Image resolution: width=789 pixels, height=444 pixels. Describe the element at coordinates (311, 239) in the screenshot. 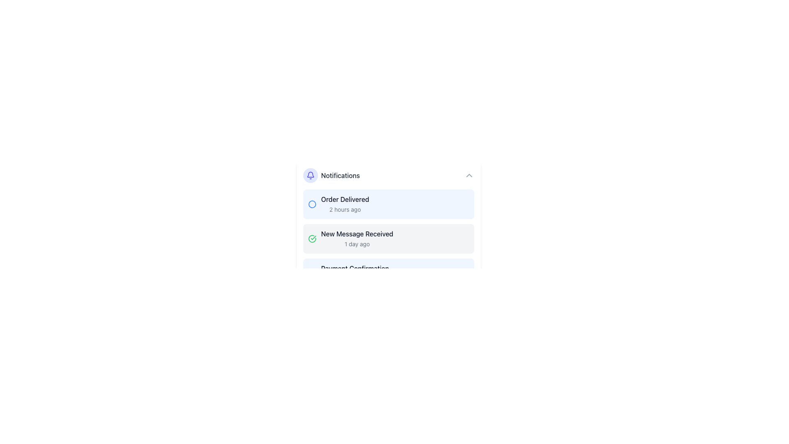

I see `the verified state icon located on the left side of the notification text for 'New Message Received' in the second notification block` at that location.